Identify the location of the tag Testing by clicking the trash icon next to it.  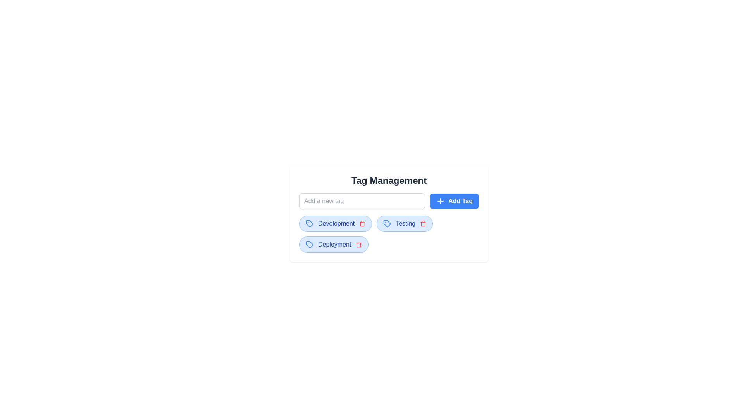
(422, 224).